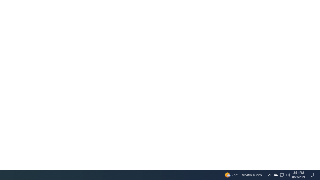  Describe the element at coordinates (282, 174) in the screenshot. I see `'Q2790: 100%'` at that location.